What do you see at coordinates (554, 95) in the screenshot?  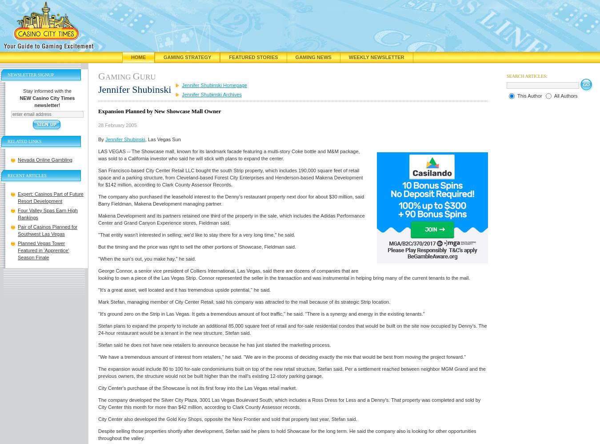 I see `'All Authors'` at bounding box center [554, 95].